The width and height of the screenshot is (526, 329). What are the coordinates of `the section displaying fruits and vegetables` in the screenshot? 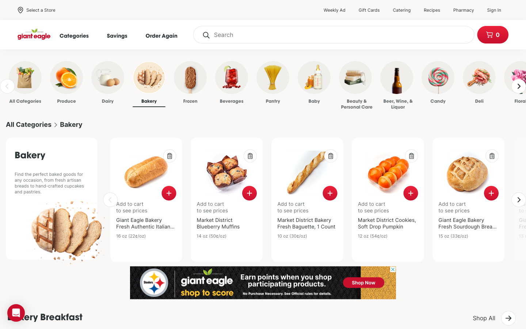 It's located at (57, 84).